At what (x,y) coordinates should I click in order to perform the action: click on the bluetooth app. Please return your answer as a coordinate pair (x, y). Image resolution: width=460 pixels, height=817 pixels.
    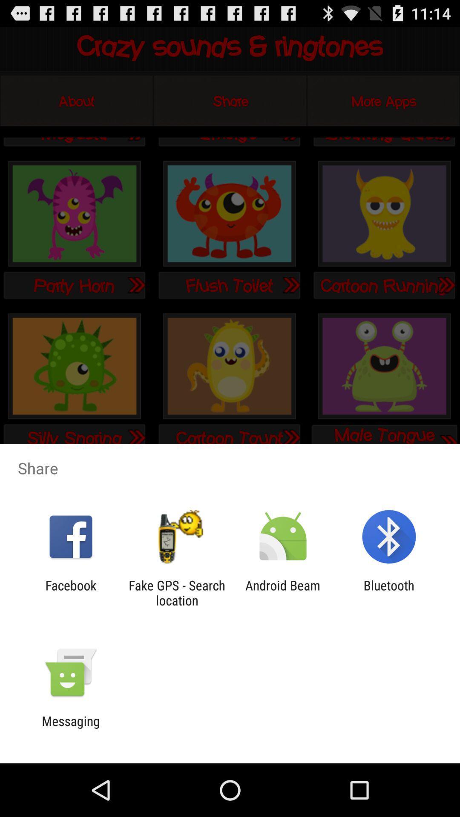
    Looking at the image, I should click on (389, 592).